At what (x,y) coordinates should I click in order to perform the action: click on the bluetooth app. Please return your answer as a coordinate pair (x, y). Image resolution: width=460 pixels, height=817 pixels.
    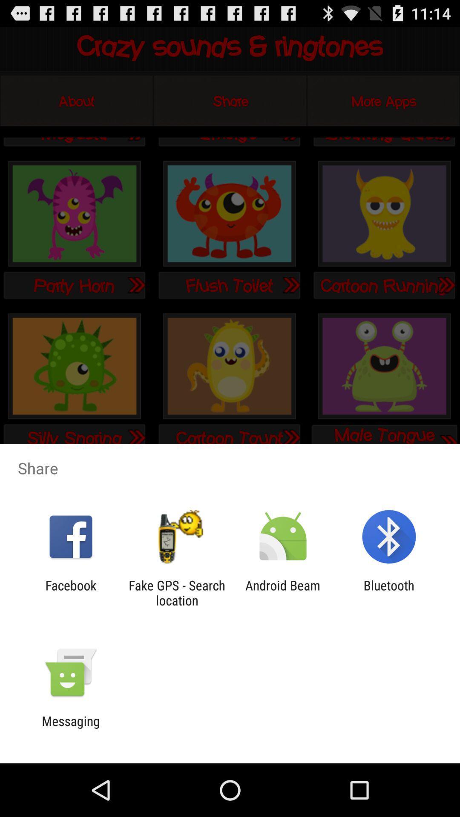
    Looking at the image, I should click on (389, 592).